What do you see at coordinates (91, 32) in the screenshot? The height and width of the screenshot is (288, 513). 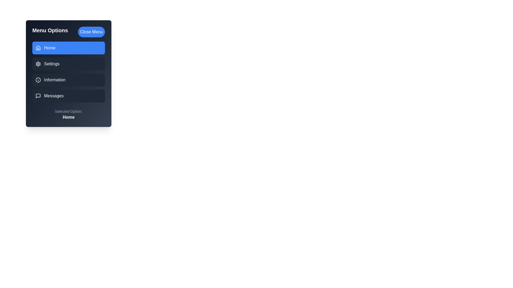 I see `the circular button with a blue background and white bold text that reads 'Close Menu'` at bounding box center [91, 32].